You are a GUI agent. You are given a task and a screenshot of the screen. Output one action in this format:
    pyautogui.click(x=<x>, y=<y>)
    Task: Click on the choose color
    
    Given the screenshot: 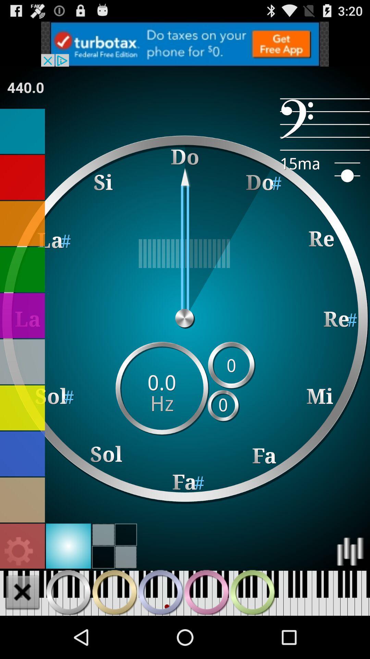 What is the action you would take?
    pyautogui.click(x=68, y=546)
    